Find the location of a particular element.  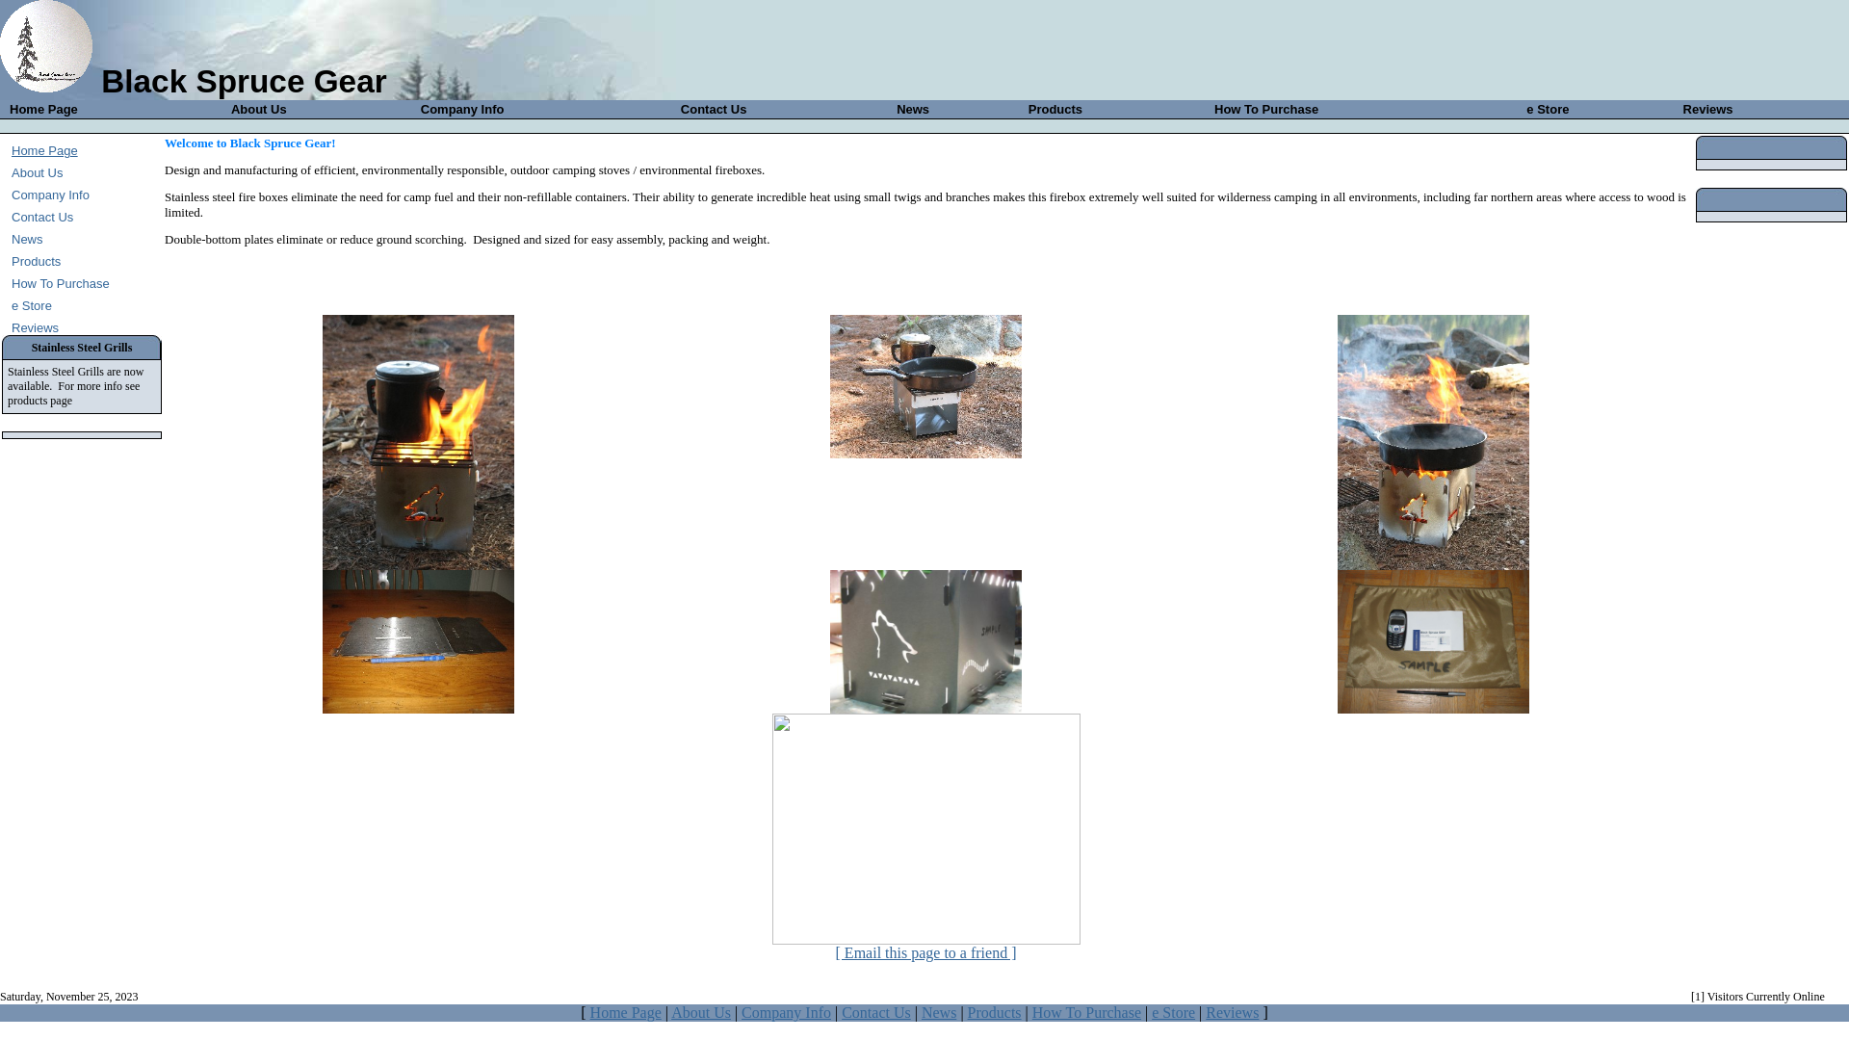

'Home Page' is located at coordinates (12, 149).